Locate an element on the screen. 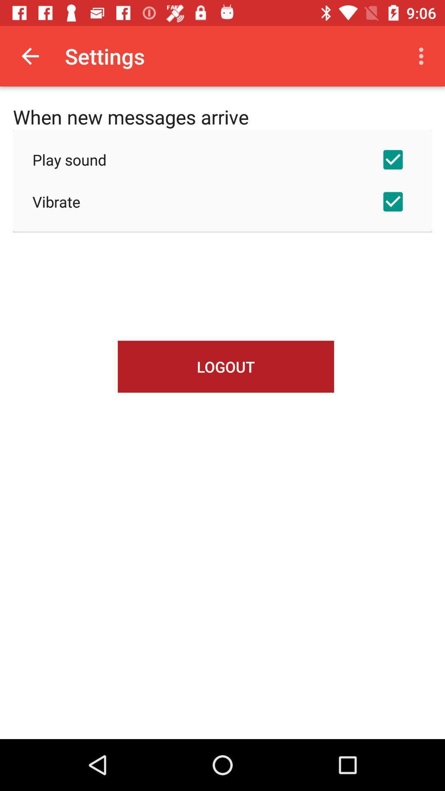  vibrate is located at coordinates (222, 201).